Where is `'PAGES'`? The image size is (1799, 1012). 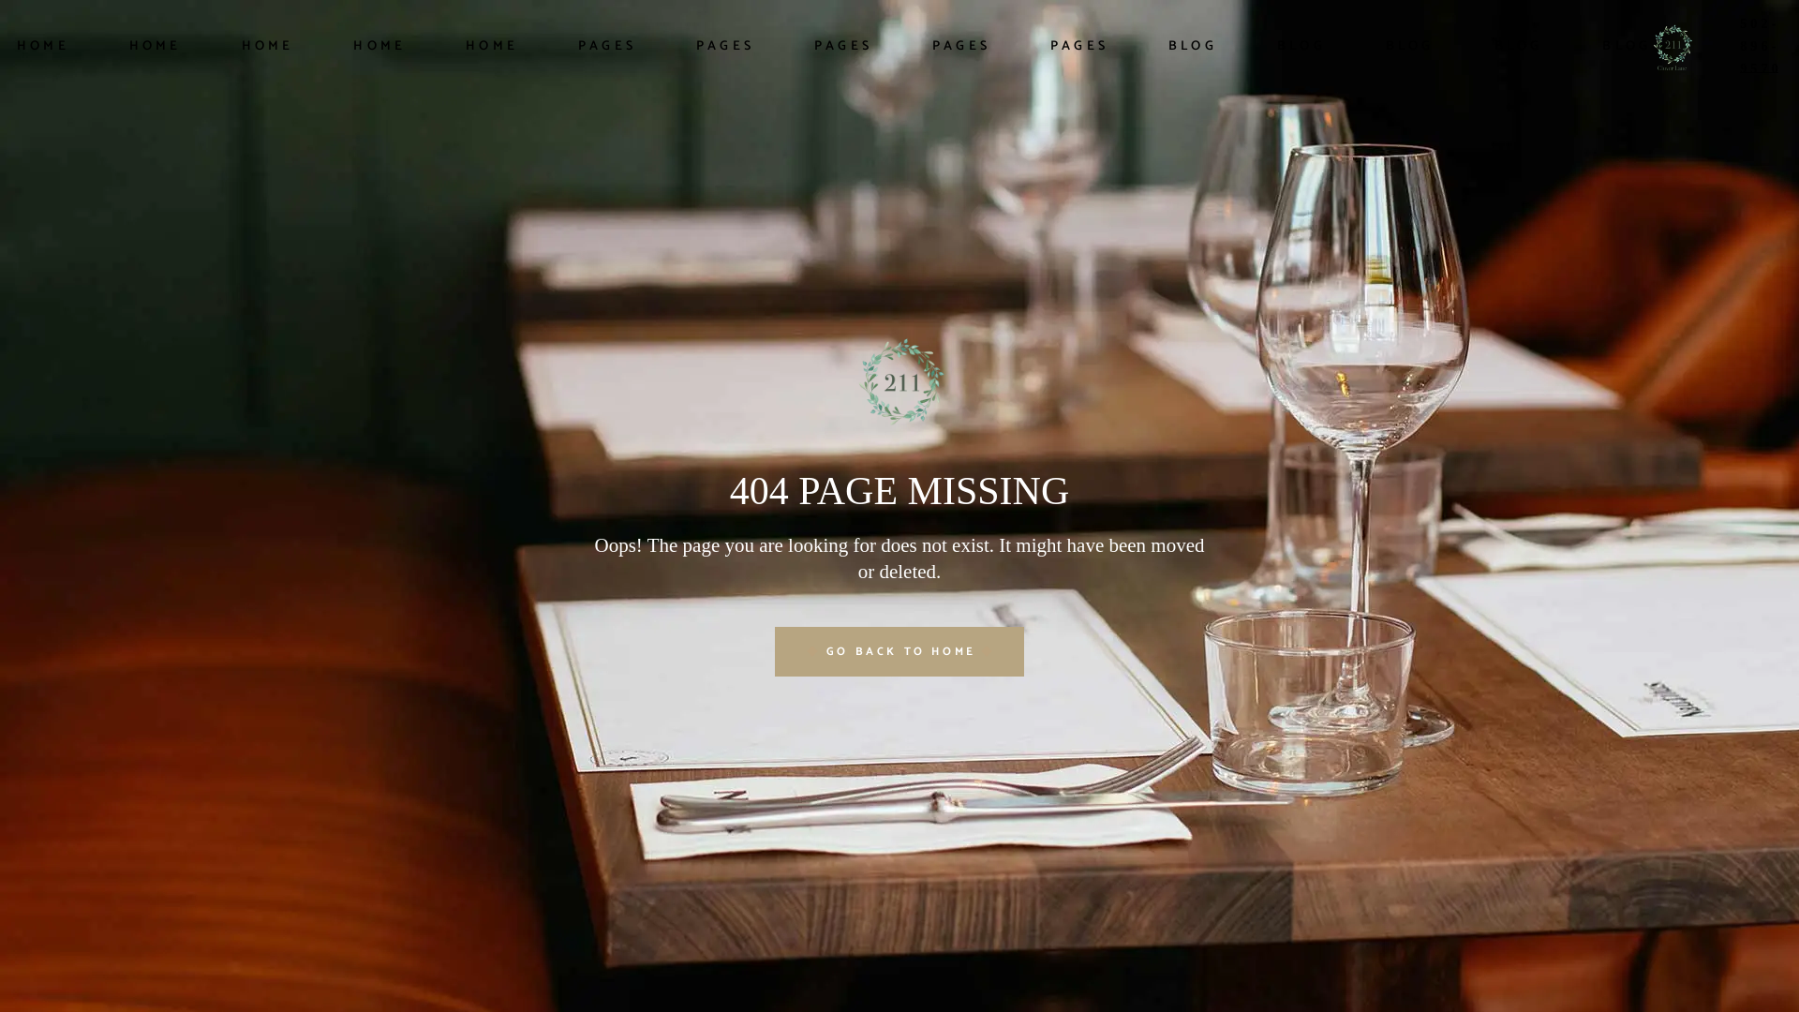 'PAGES' is located at coordinates (1050, 46).